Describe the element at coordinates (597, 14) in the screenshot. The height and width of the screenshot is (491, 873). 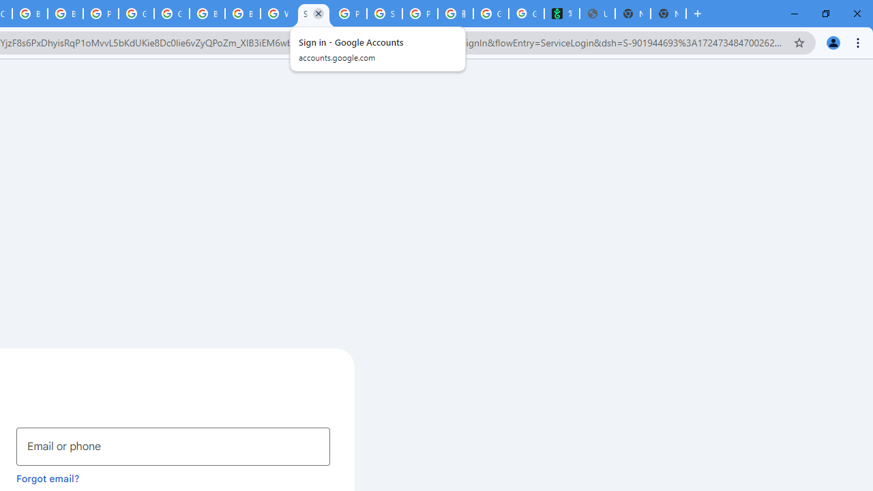
I see `'Untitled'` at that location.